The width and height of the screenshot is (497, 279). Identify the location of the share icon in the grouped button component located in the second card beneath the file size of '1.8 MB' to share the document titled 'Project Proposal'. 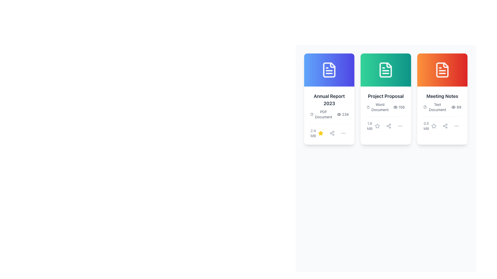
(389, 126).